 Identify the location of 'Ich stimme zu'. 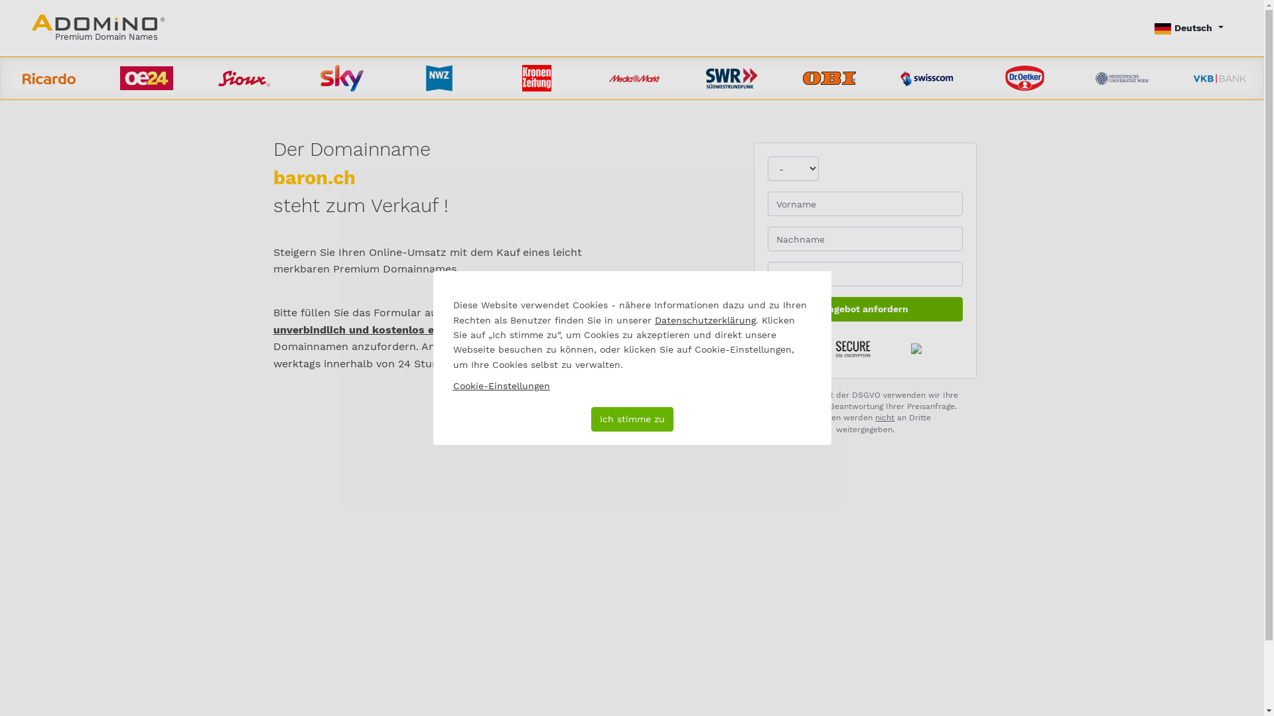
(630, 419).